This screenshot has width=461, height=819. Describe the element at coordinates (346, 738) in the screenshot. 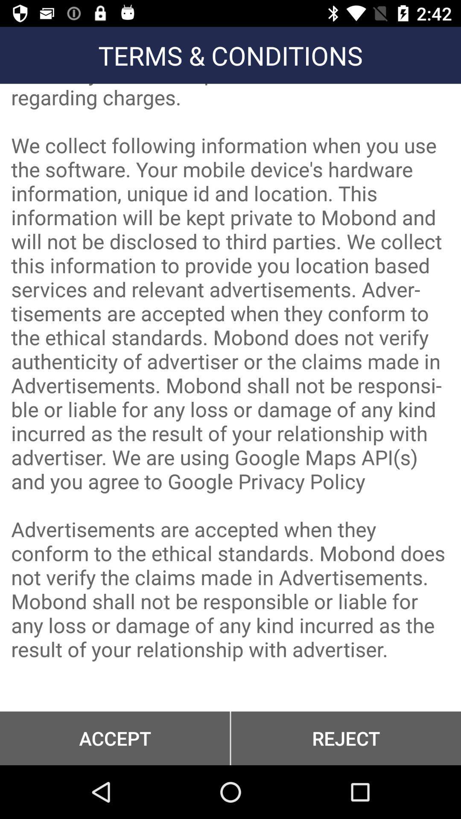

I see `button at the bottom right corner` at that location.